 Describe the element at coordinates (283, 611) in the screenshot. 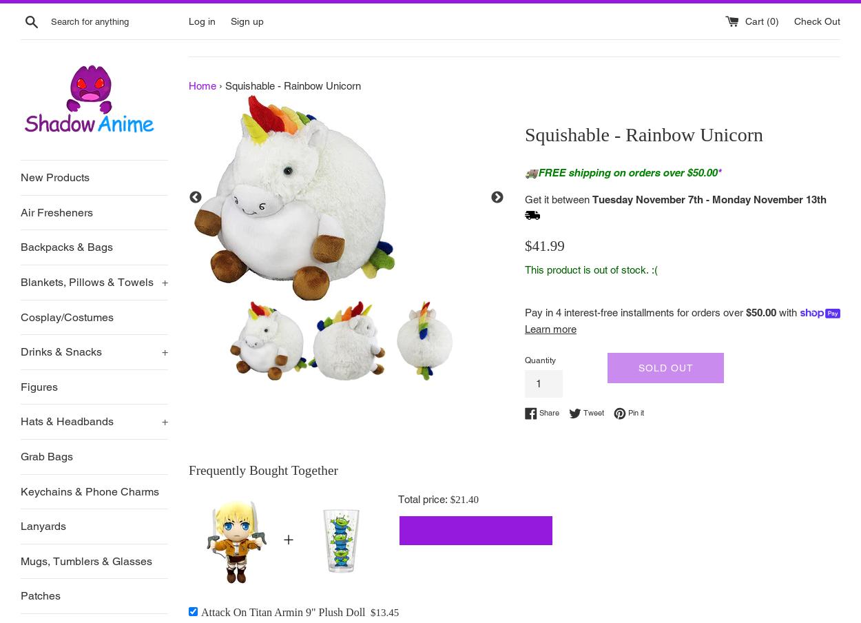

I see `'Attack On Titan Armin 9" Plush Doll'` at that location.